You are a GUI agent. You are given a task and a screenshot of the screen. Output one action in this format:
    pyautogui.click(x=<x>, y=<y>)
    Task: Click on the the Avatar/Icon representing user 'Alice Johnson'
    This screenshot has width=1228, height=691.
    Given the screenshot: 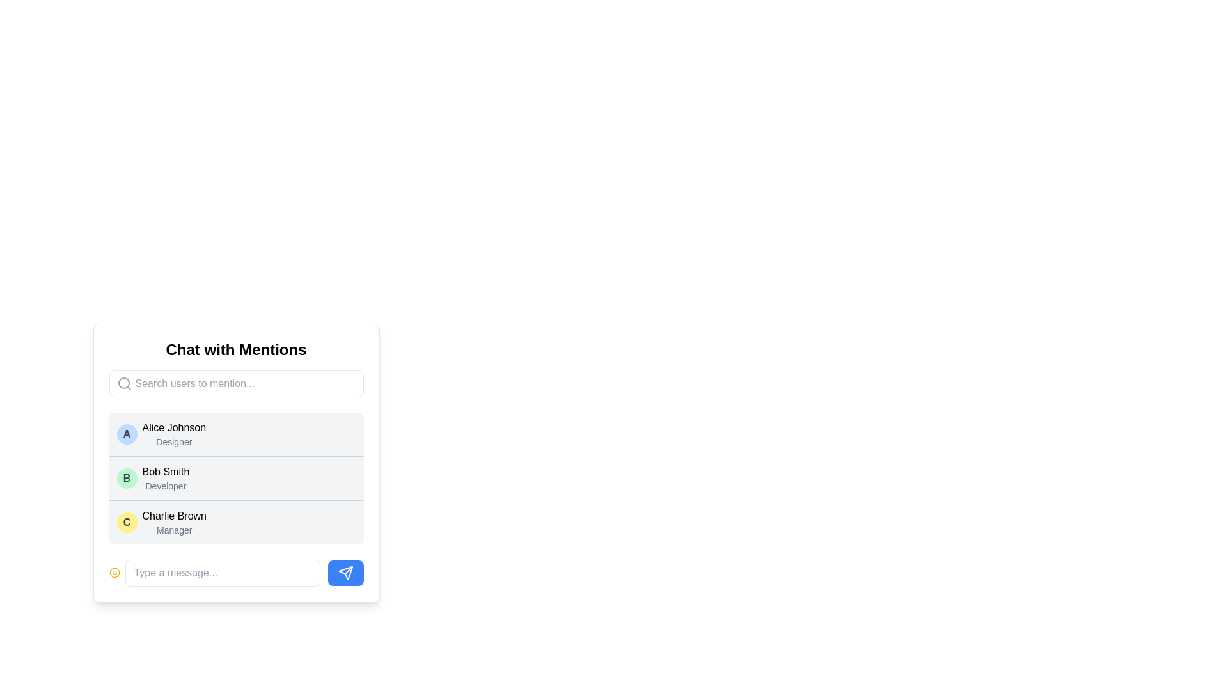 What is the action you would take?
    pyautogui.click(x=127, y=433)
    